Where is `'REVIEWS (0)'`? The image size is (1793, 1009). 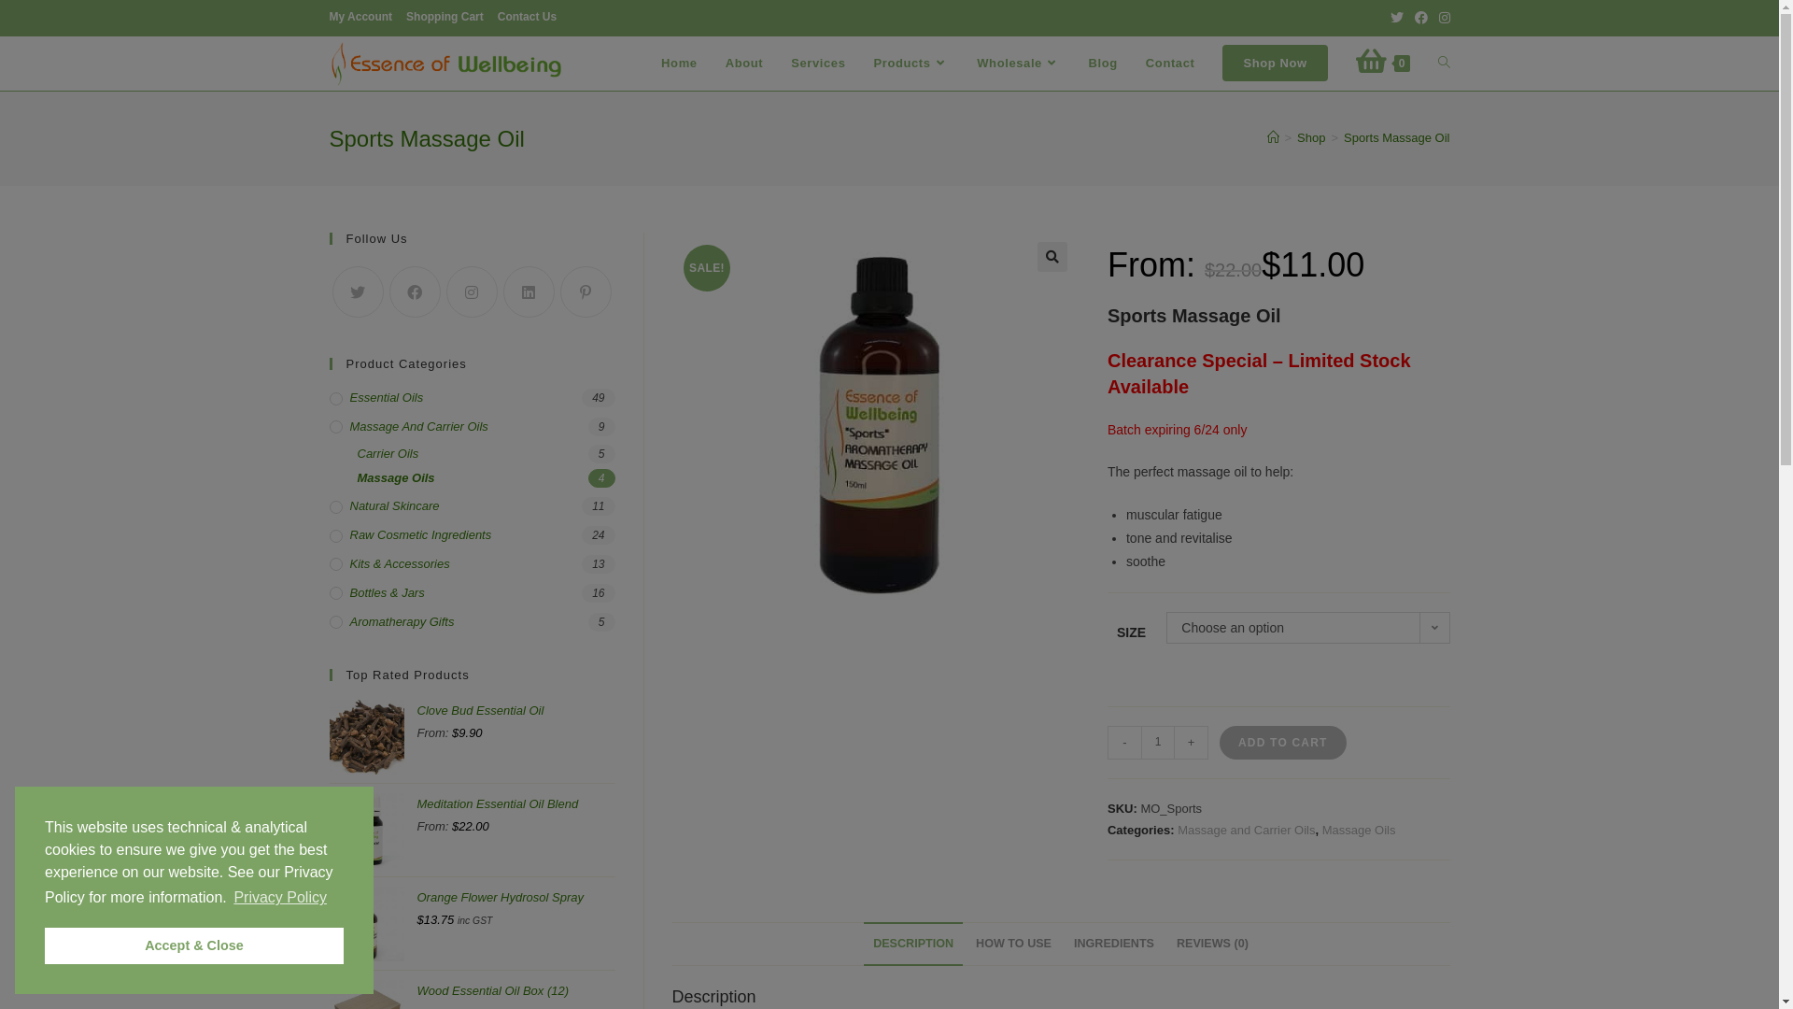
'REVIEWS (0)' is located at coordinates (1212, 944).